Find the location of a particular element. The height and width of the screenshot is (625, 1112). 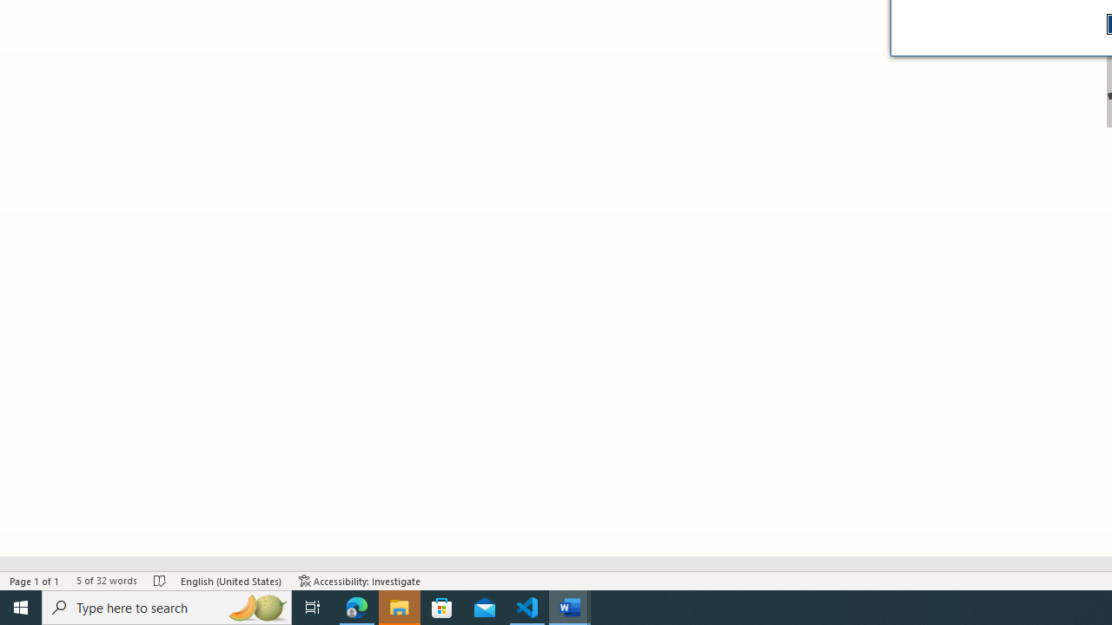

'Task View' is located at coordinates (312, 606).